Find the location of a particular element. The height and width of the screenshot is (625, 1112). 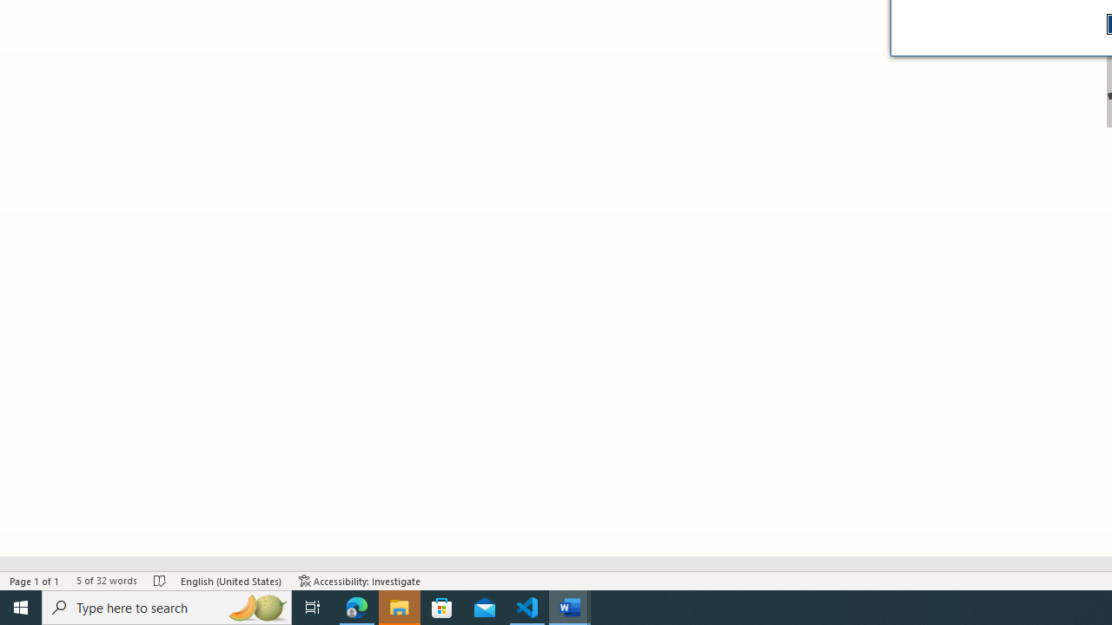

'Task View' is located at coordinates (312, 606).